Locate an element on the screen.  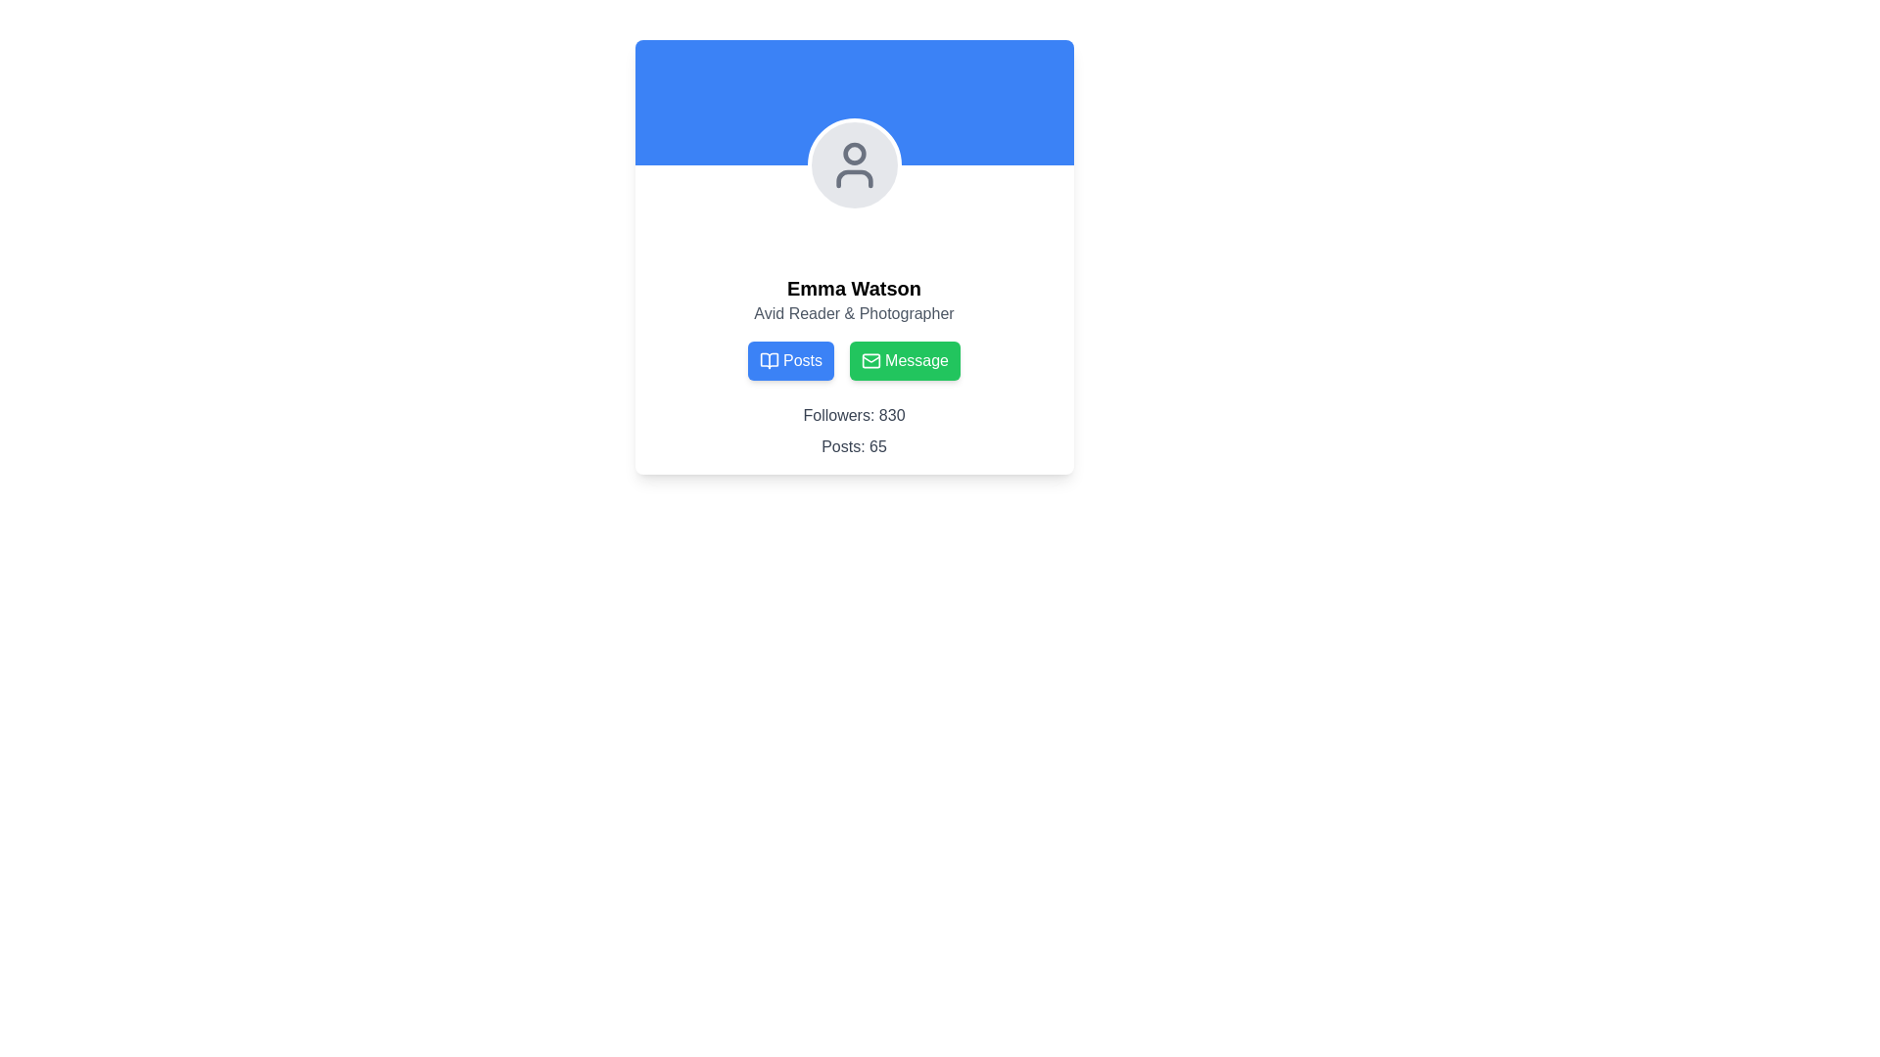
the 'Posts' button, which is a rectangular button with a blue background and an icon of an open book followed by the text 'Posts' in white, to observe a visual change in its background color is located at coordinates (791, 361).